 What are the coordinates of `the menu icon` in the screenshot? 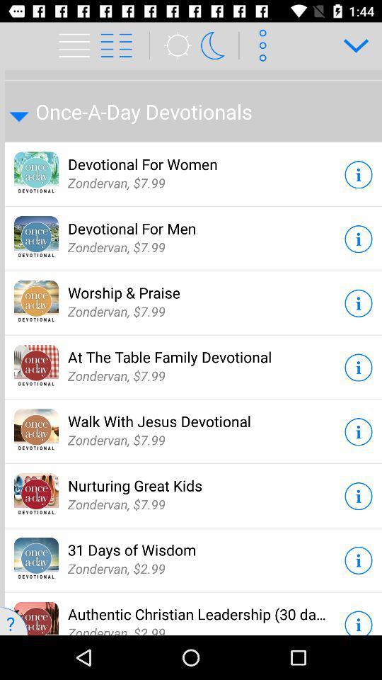 It's located at (76, 45).